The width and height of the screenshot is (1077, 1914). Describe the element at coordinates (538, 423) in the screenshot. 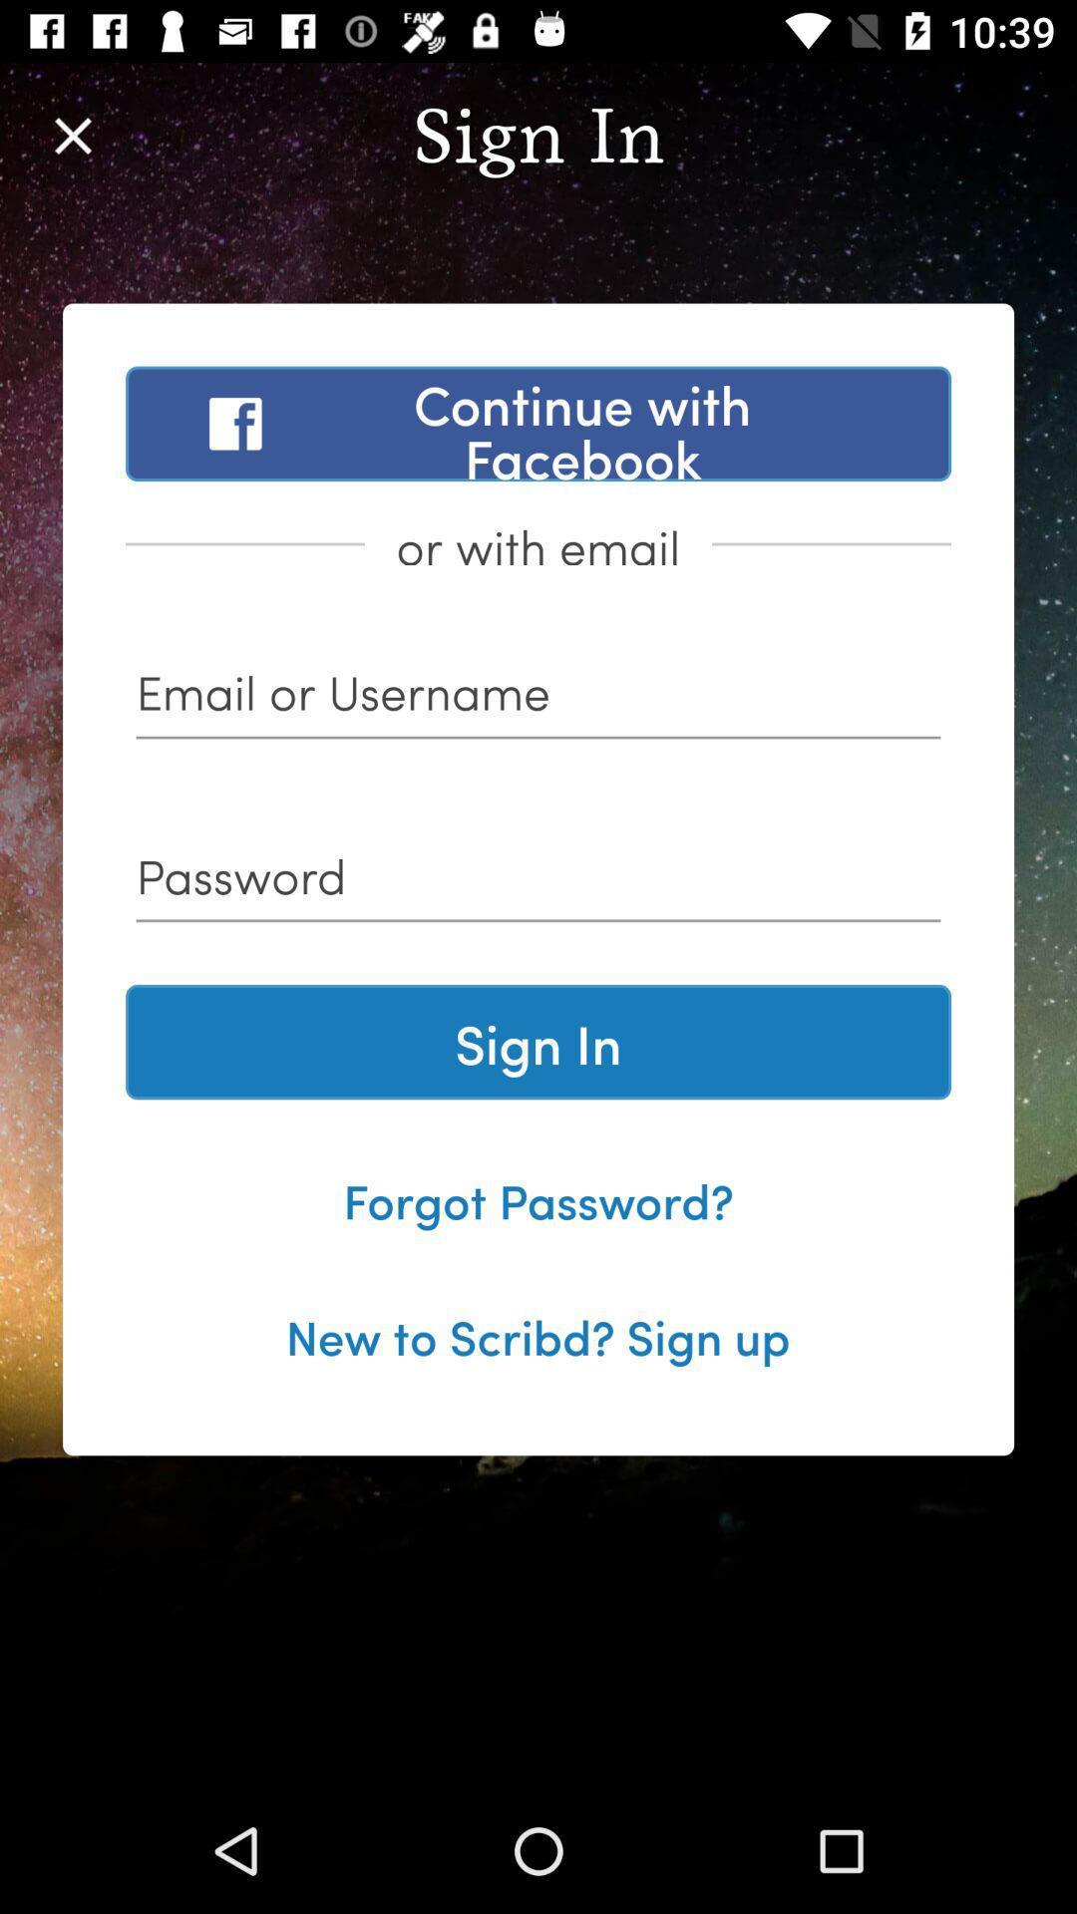

I see `the item above or with email item` at that location.